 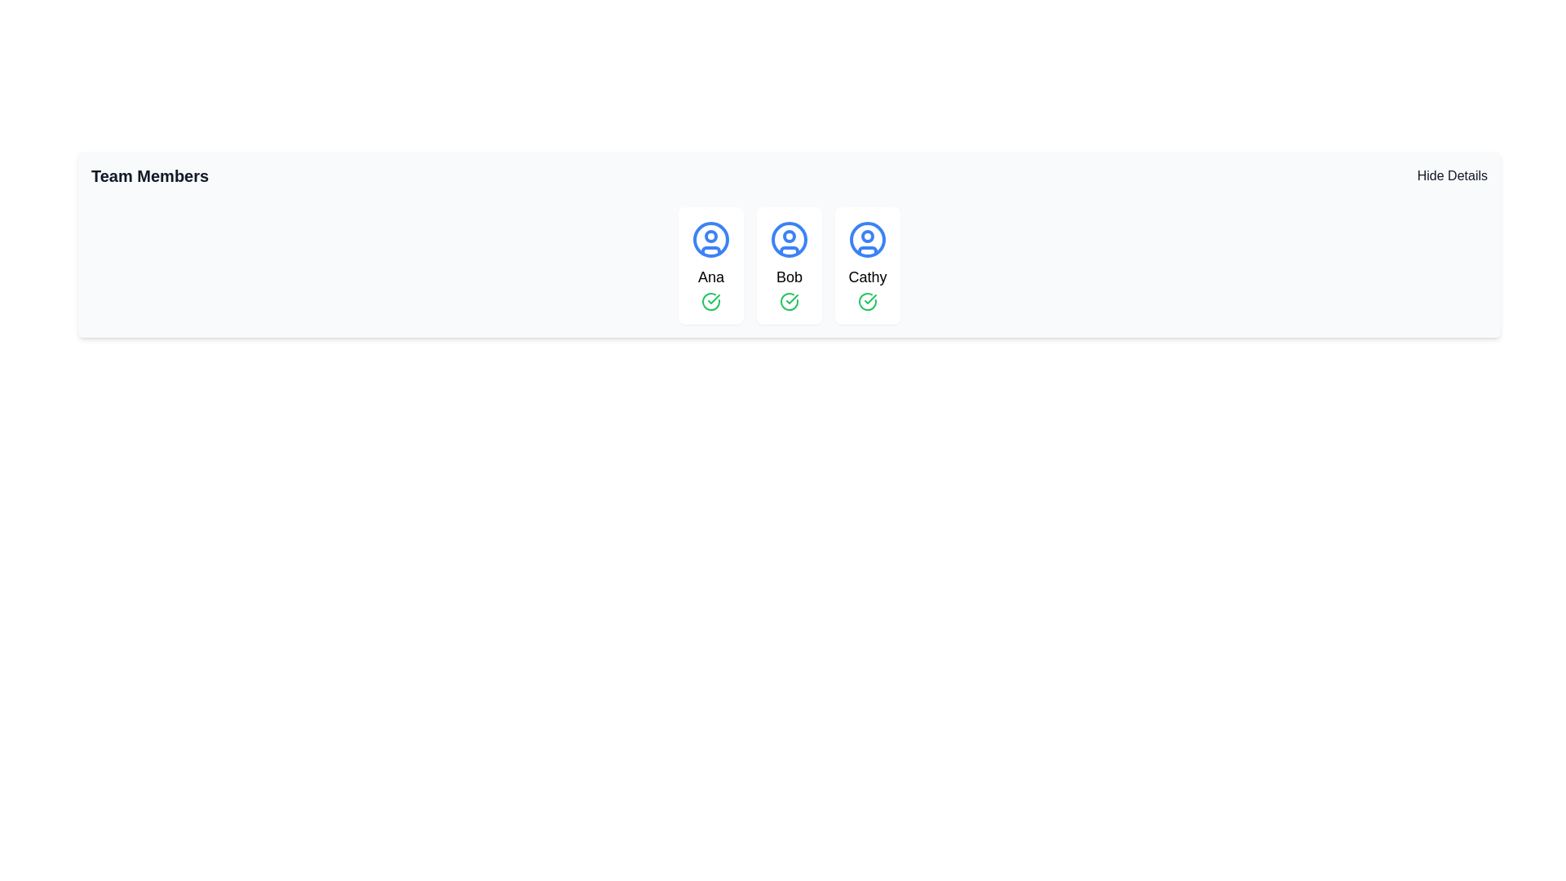 What do you see at coordinates (1452, 176) in the screenshot?
I see `the toggle button located at the top-right corner of the 'Team Members' section to hide or show the details of the team members` at bounding box center [1452, 176].